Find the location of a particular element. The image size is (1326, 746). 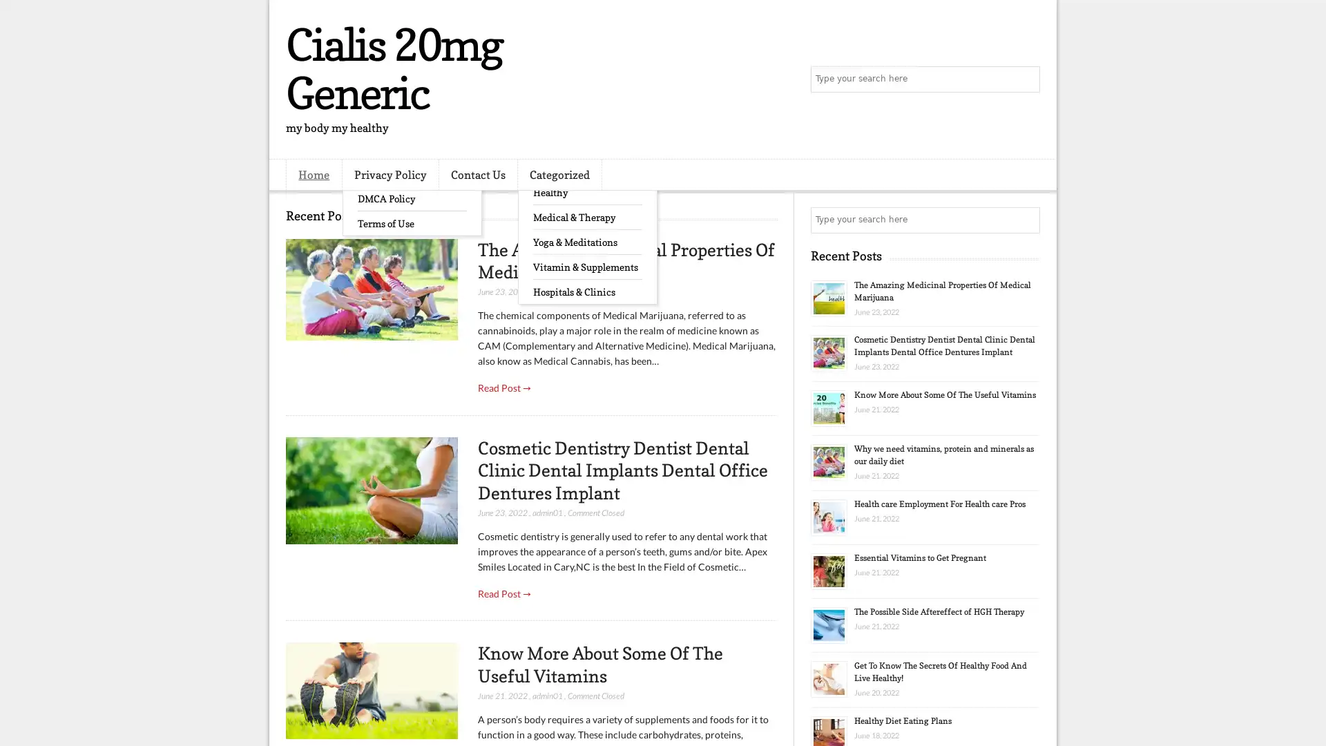

Search is located at coordinates (1026, 79).